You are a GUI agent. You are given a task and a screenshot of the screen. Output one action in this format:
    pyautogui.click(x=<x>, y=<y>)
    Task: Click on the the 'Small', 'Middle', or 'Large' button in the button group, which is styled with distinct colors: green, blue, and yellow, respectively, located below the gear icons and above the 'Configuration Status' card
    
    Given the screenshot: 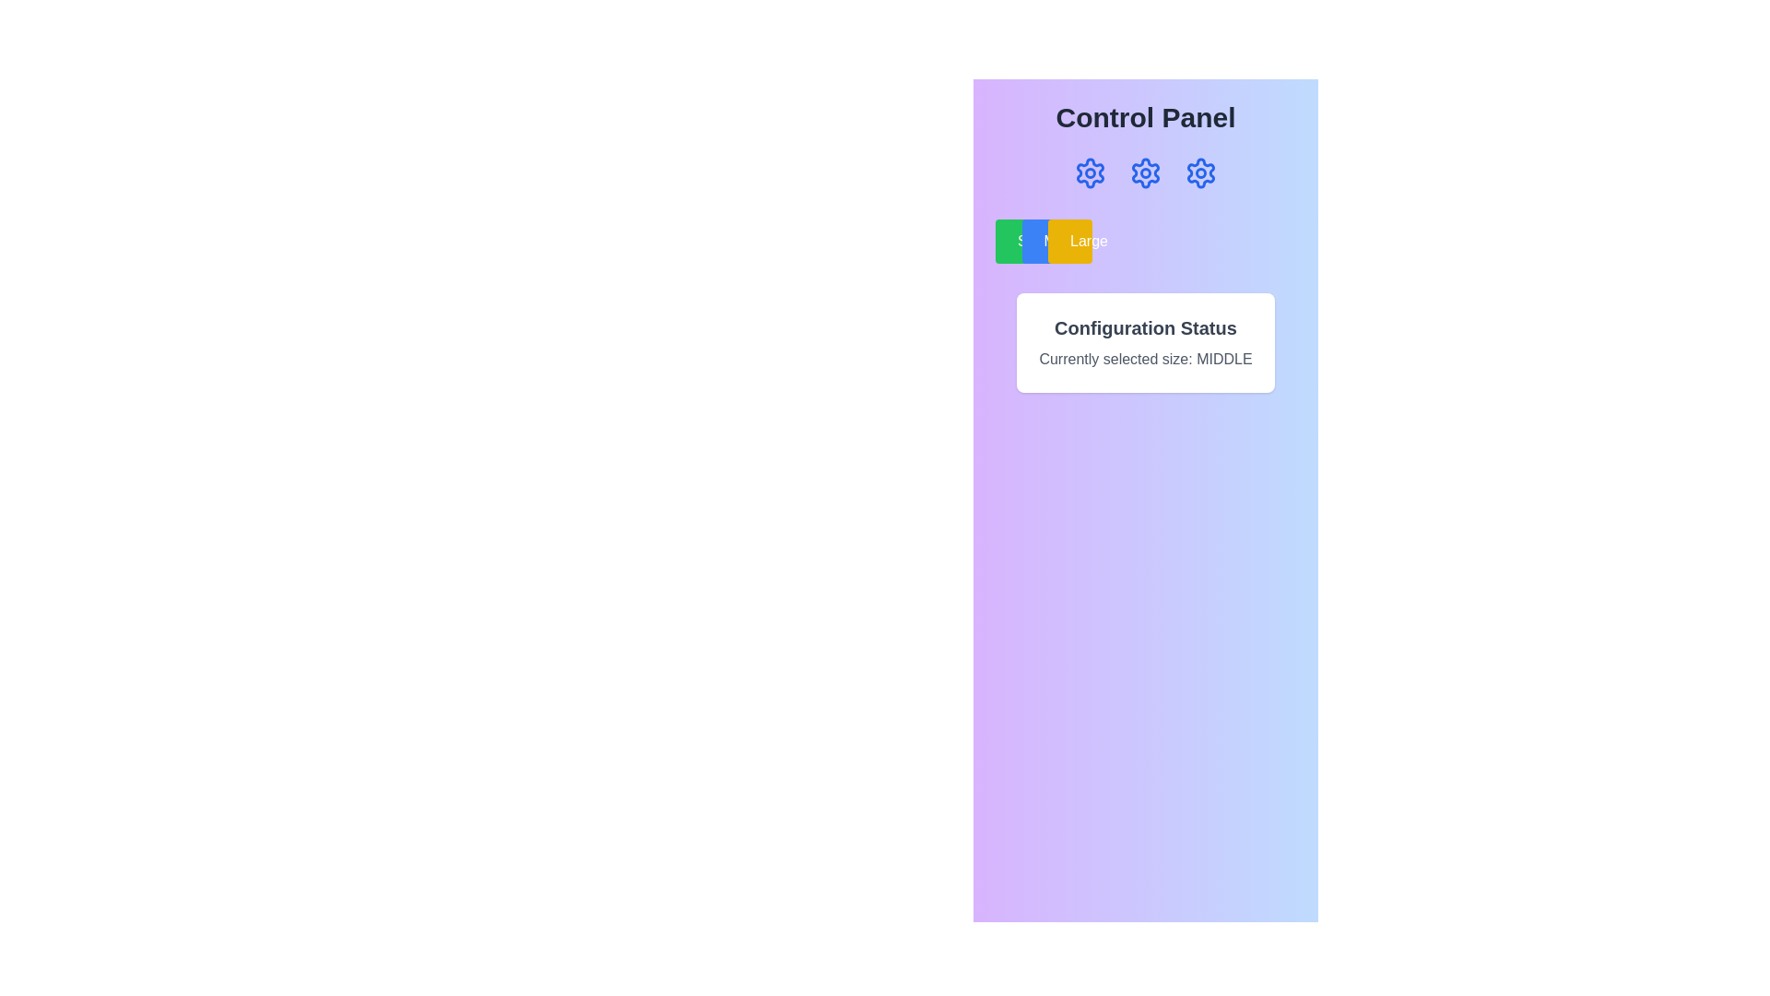 What is the action you would take?
    pyautogui.click(x=1145, y=241)
    